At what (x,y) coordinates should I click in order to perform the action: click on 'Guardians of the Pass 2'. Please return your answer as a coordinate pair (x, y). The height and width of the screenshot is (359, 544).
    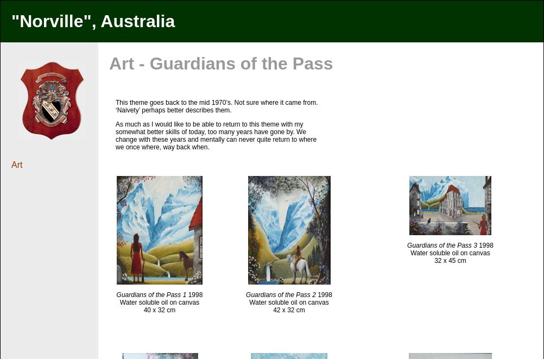
    Looking at the image, I should click on (281, 294).